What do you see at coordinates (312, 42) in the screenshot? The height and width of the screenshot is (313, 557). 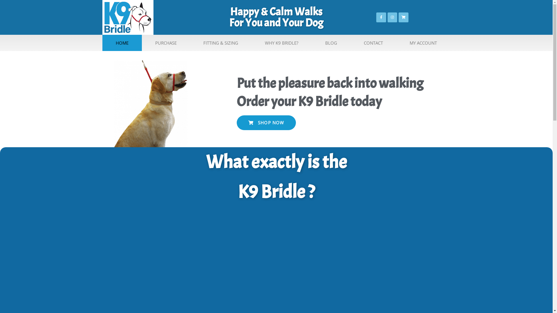 I see `'BLOG'` at bounding box center [312, 42].